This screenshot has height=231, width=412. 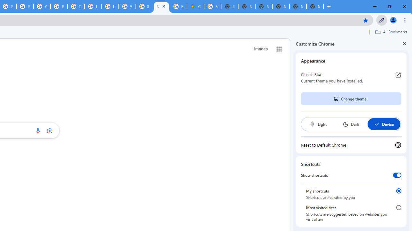 What do you see at coordinates (397, 175) in the screenshot?
I see `'Show shortcuts'` at bounding box center [397, 175].